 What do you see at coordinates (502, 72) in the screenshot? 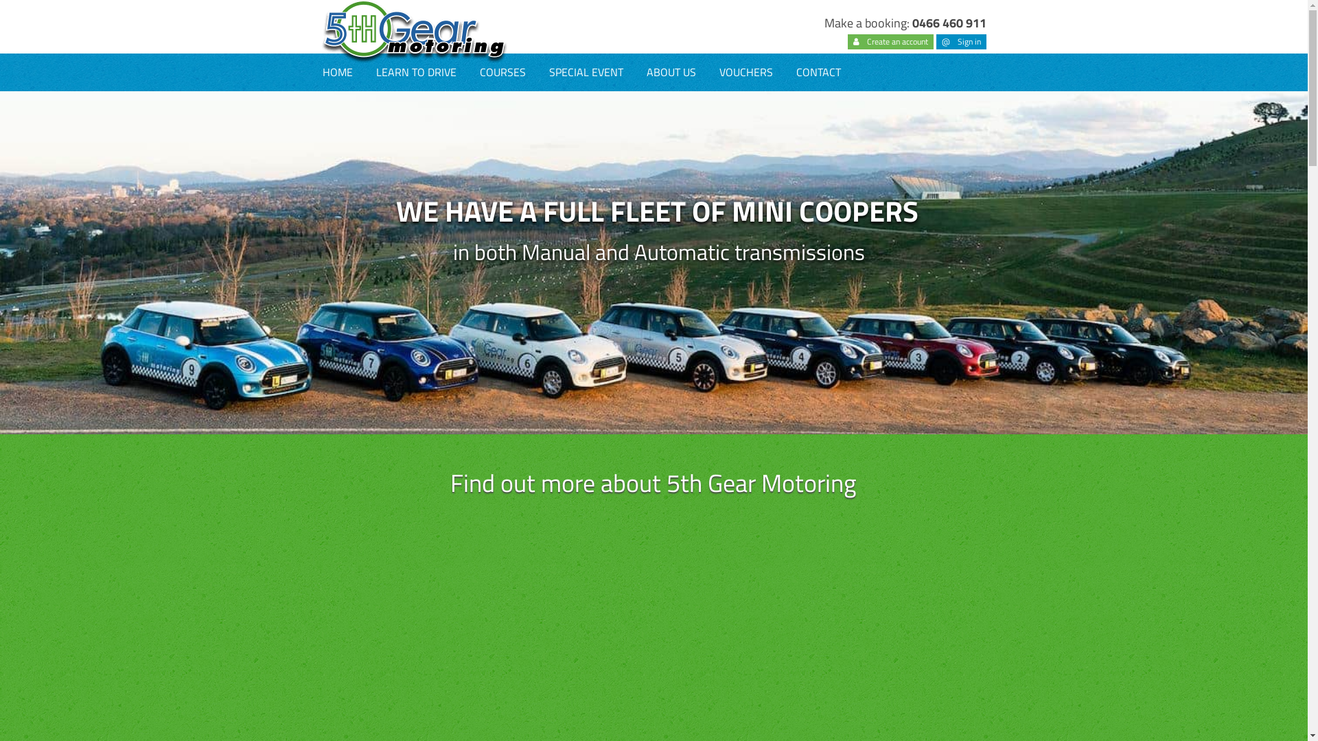
I see `'COURSES'` at bounding box center [502, 72].